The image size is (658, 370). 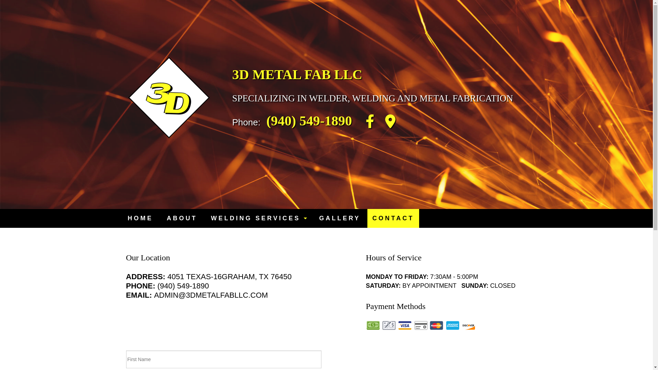 What do you see at coordinates (182, 218) in the screenshot?
I see `'ABOUT'` at bounding box center [182, 218].